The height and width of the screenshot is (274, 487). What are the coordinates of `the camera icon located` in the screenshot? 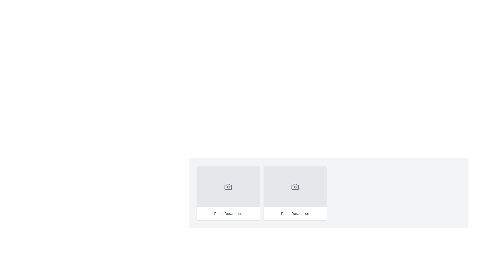 It's located at (295, 187).